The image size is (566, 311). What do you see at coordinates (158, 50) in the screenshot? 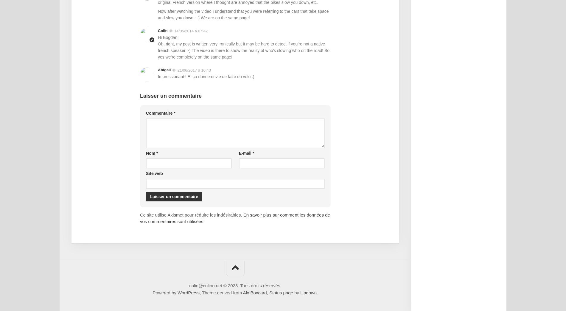
I see `'Oh, right, my post is written very ironically but it may be hard to detect if you’re not a native french speaker :-) The video is there to show the reality of who’s slowing who on the road! So yes we’re completely on the same page!'` at bounding box center [158, 50].